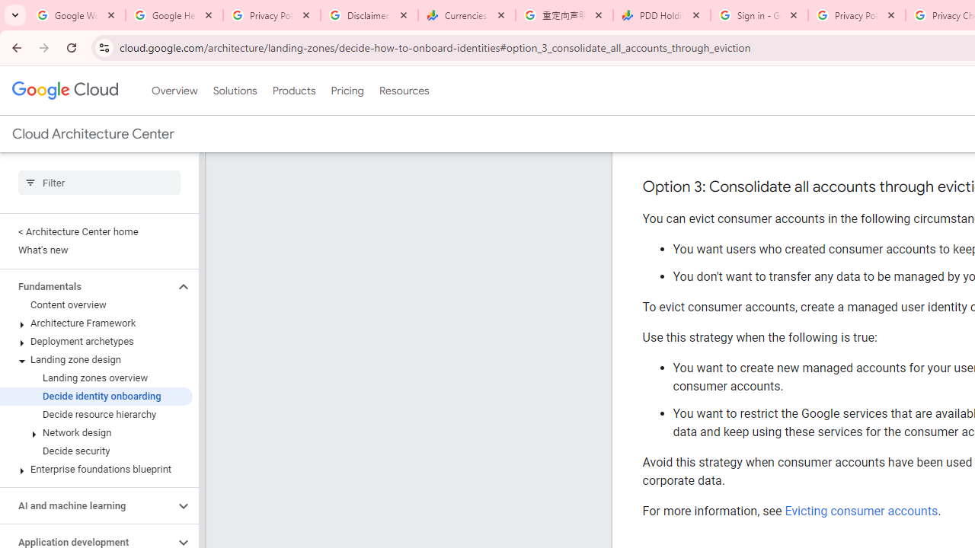 This screenshot has height=548, width=975. I want to click on 'Content overview', so click(95, 305).